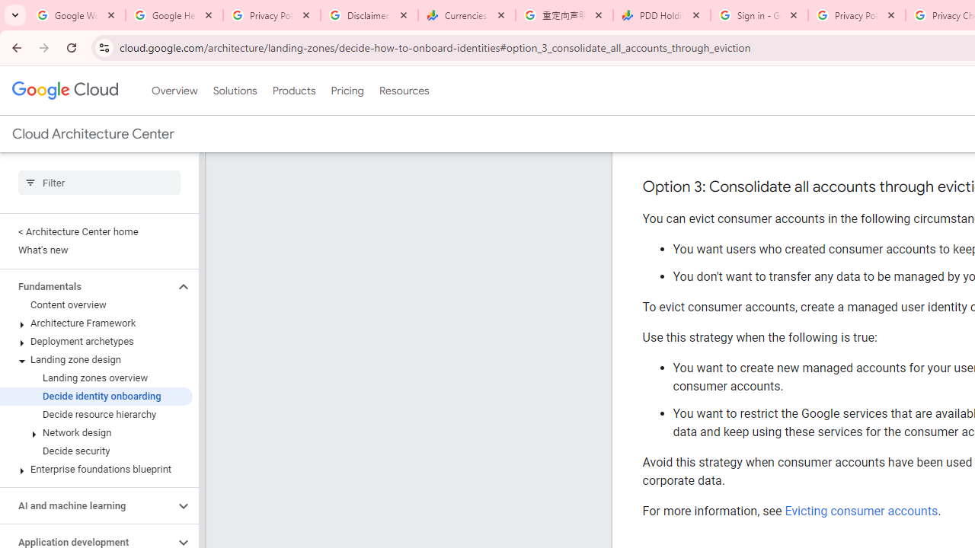 This screenshot has height=548, width=975. I want to click on 'Content overview', so click(95, 305).